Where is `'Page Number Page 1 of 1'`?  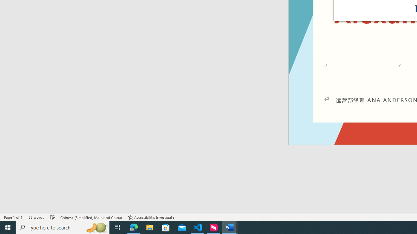
'Page Number Page 1 of 1' is located at coordinates (13, 217).